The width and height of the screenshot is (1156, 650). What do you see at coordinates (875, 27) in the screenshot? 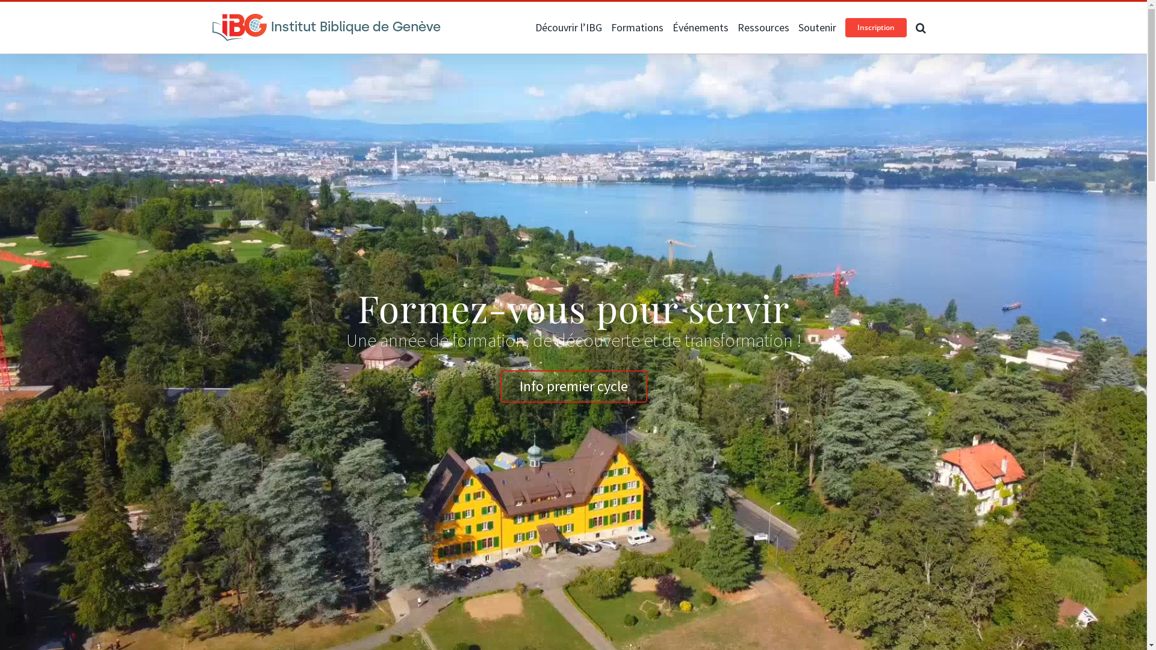
I see `'Inscription'` at bounding box center [875, 27].